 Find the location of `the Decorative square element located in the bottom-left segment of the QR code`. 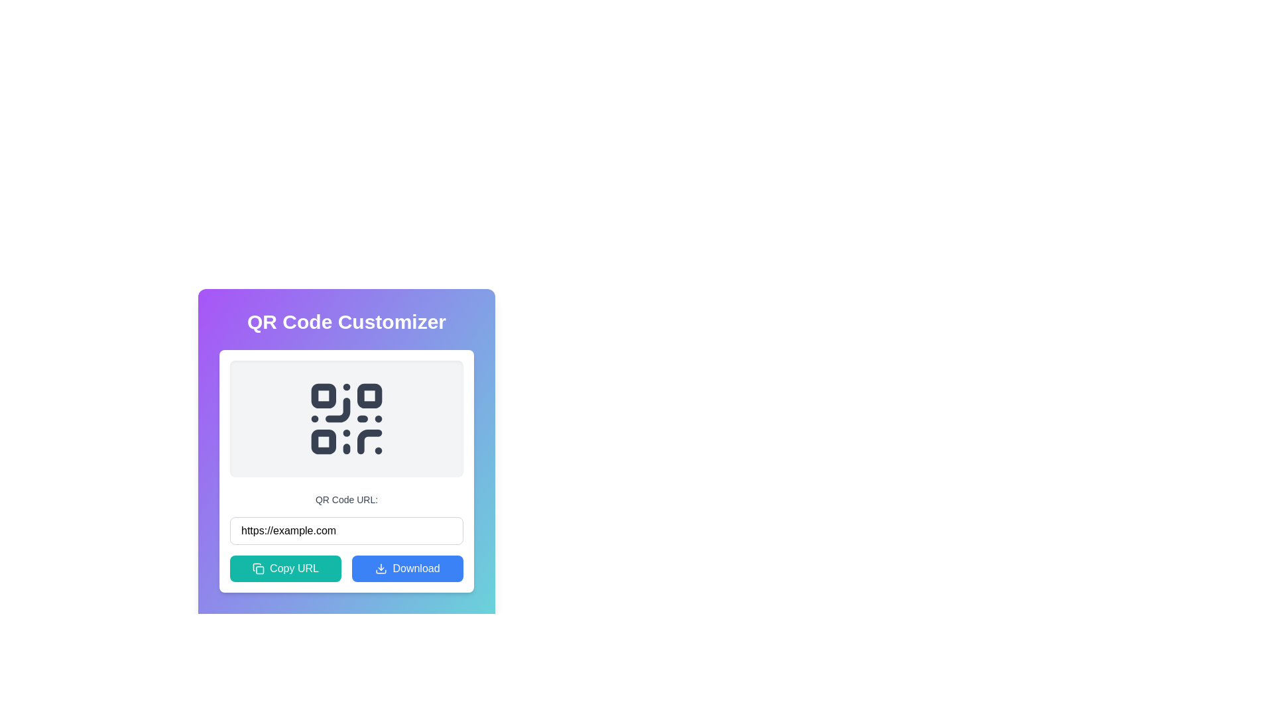

the Decorative square element located in the bottom-left segment of the QR code is located at coordinates (324, 442).